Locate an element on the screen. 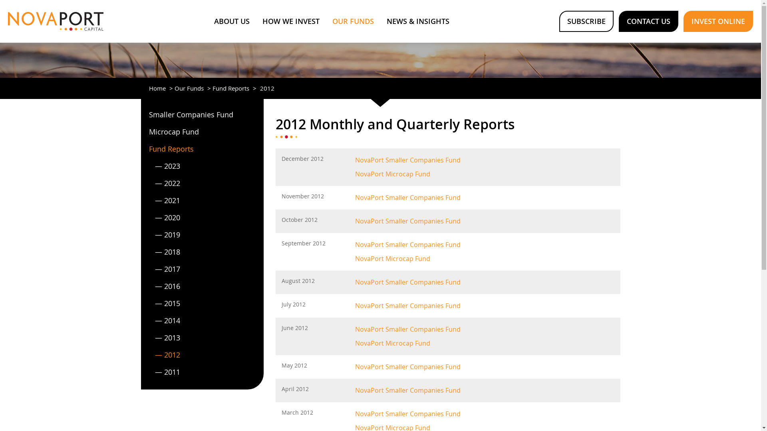 The height and width of the screenshot is (431, 767). 'Our Funds' is located at coordinates (189, 88).